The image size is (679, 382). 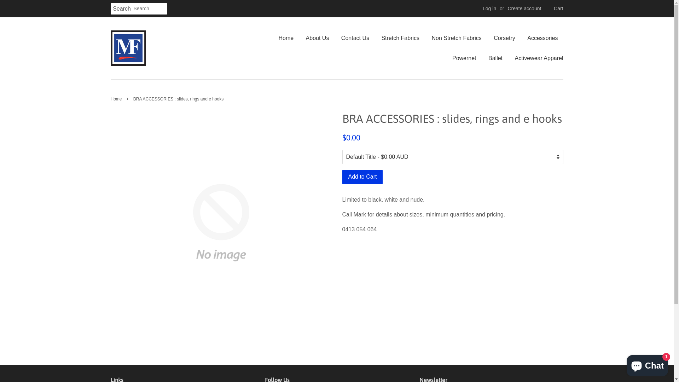 I want to click on 'Log in', so click(x=489, y=8).